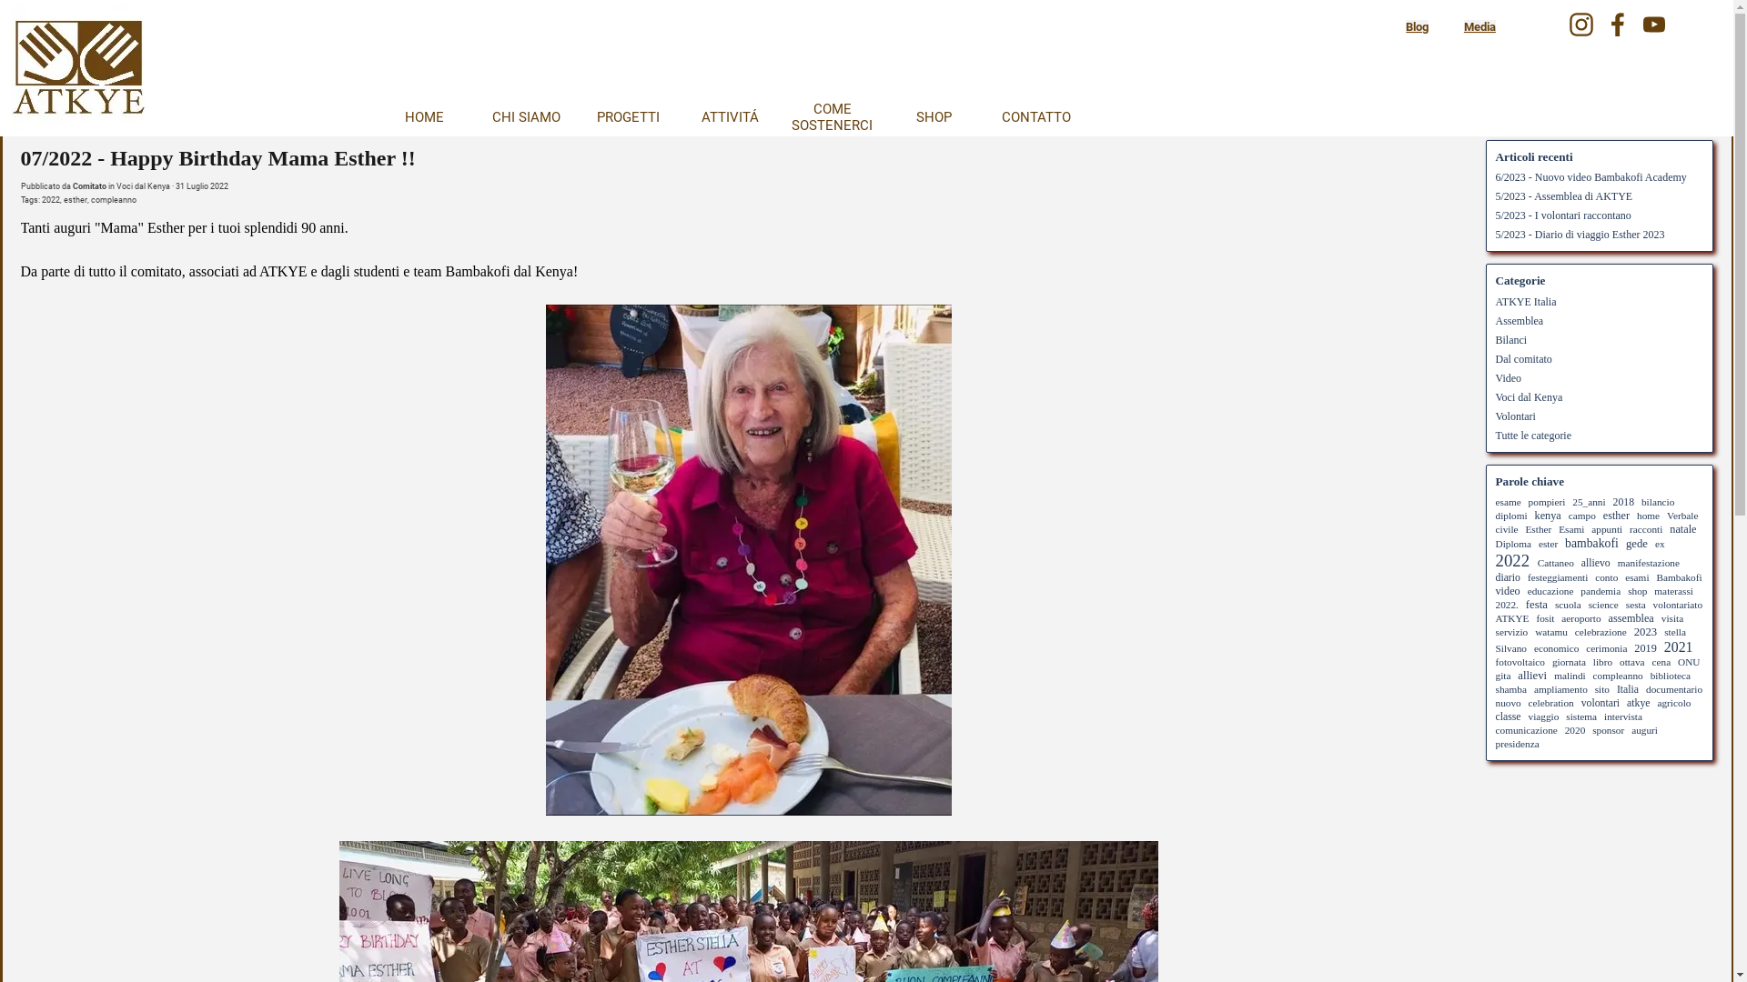 Image resolution: width=1747 pixels, height=982 pixels. Describe the element at coordinates (1543, 715) in the screenshot. I see `'viaggio'` at that location.